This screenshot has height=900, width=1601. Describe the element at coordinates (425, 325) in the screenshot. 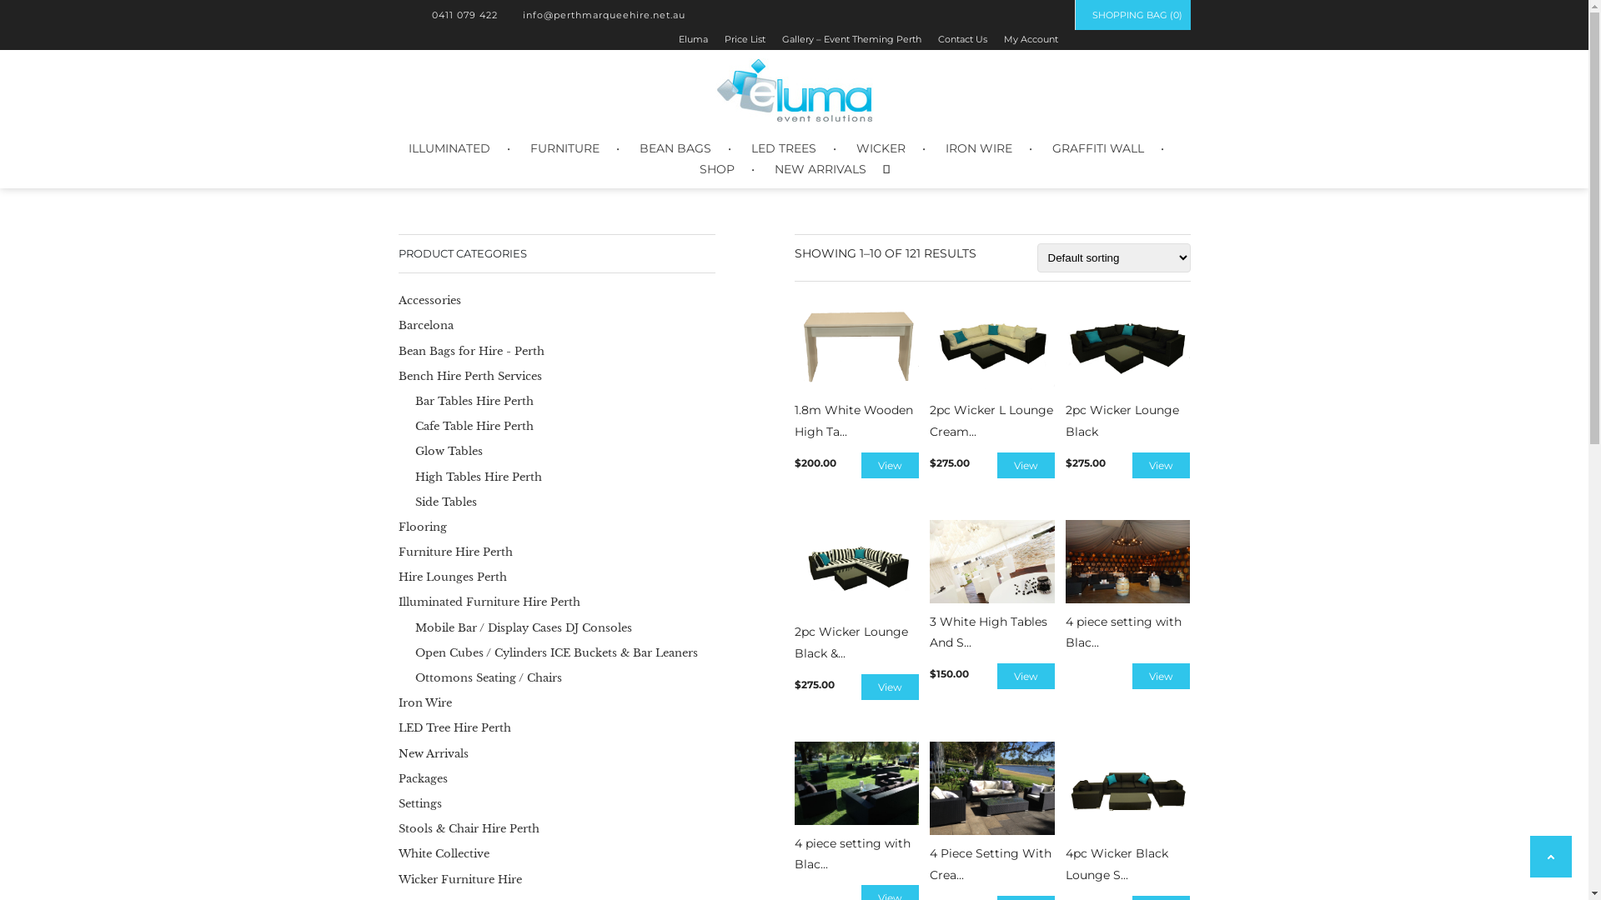

I see `'Barcelona'` at that location.